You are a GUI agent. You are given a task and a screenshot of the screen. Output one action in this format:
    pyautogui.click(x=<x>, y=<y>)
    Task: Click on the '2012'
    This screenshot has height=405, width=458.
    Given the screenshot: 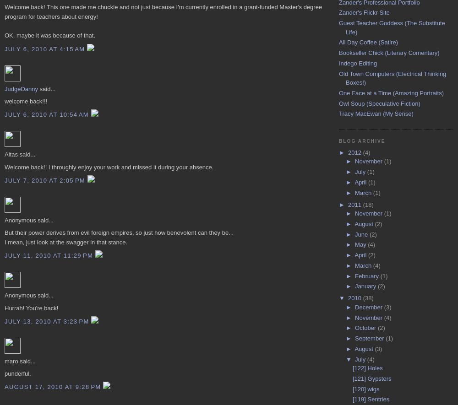 What is the action you would take?
    pyautogui.click(x=355, y=152)
    